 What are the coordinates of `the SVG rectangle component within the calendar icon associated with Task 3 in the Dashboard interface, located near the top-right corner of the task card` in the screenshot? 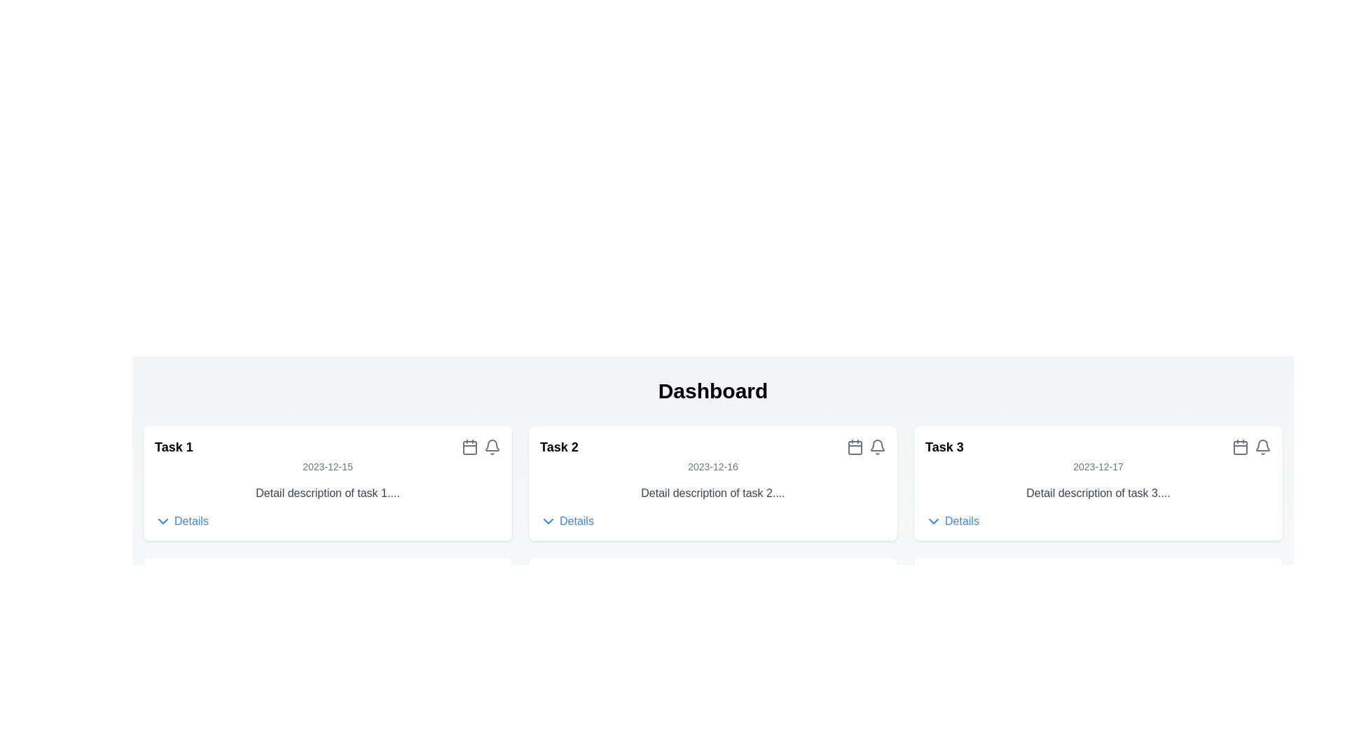 It's located at (1241, 448).